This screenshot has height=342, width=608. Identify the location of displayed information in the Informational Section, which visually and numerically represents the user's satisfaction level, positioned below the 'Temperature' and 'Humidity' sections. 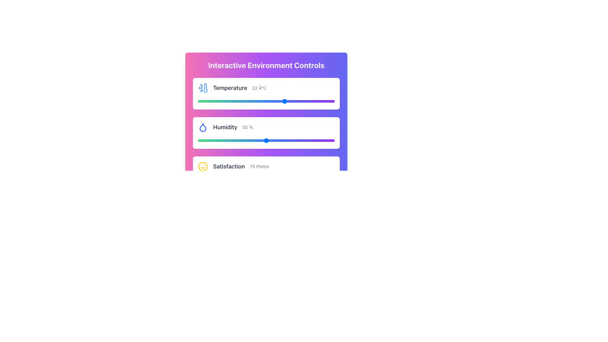
(266, 166).